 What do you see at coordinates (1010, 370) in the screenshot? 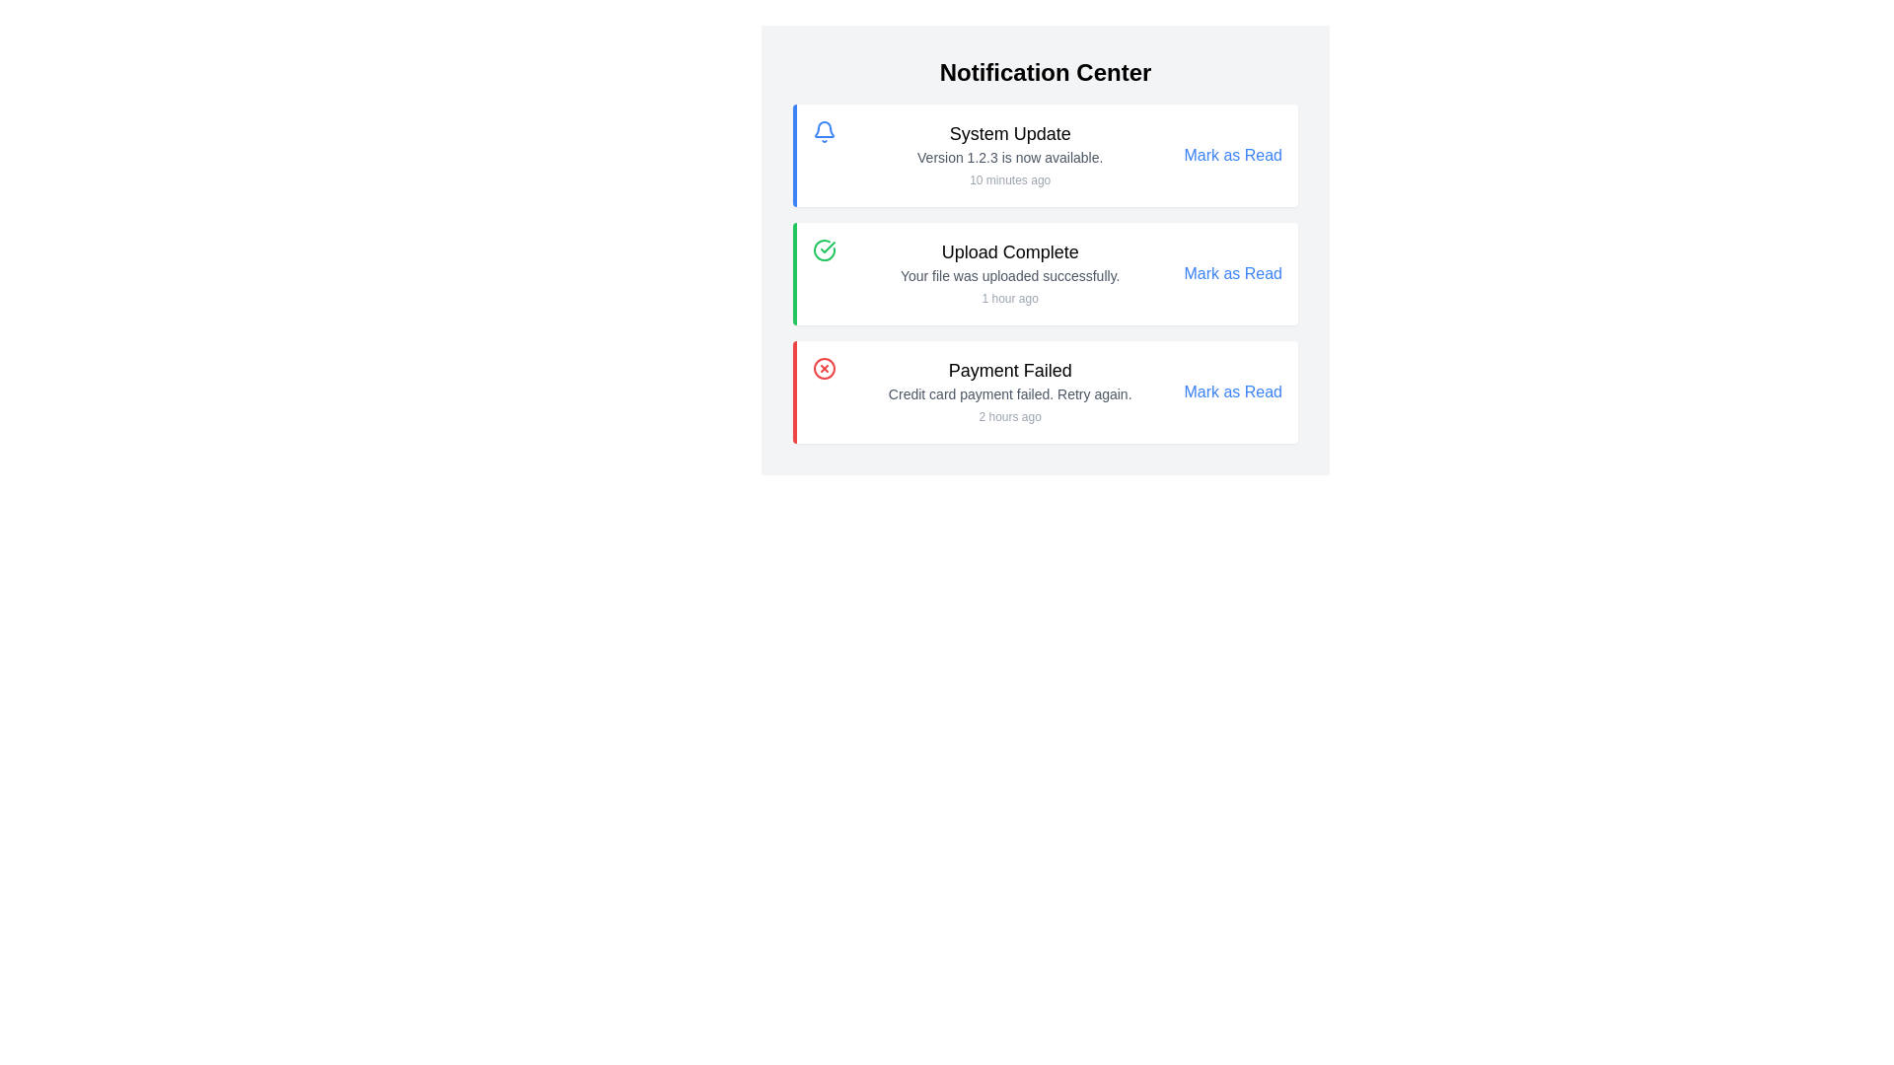
I see `text element displaying 'Payment Failed' which is prominently styled and located within the notification card for a failed payment` at bounding box center [1010, 370].